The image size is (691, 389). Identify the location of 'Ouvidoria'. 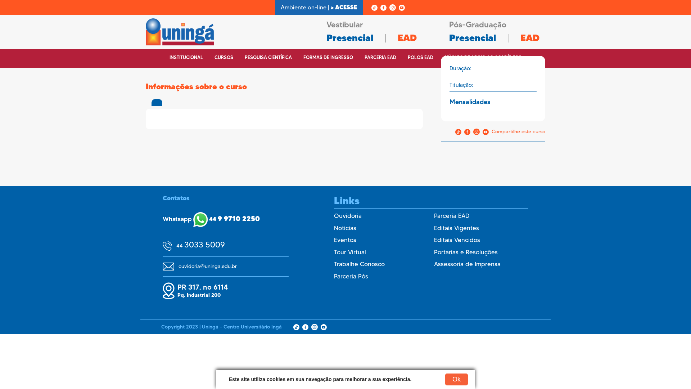
(381, 216).